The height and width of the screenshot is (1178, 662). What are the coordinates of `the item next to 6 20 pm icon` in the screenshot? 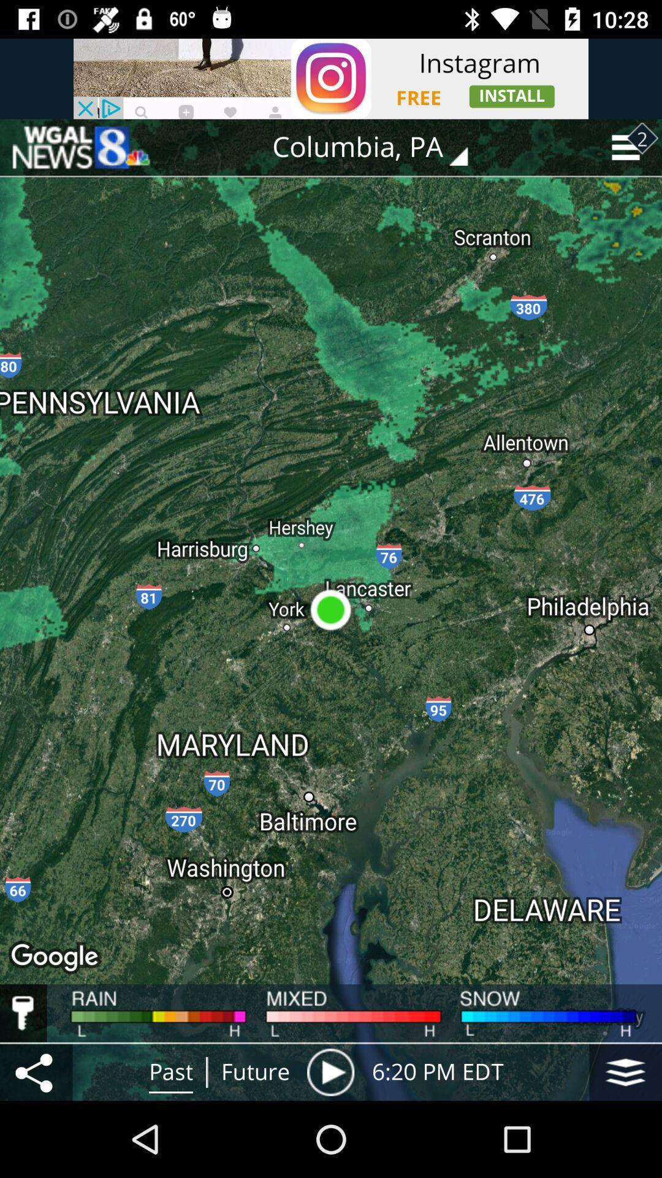 It's located at (330, 1071).